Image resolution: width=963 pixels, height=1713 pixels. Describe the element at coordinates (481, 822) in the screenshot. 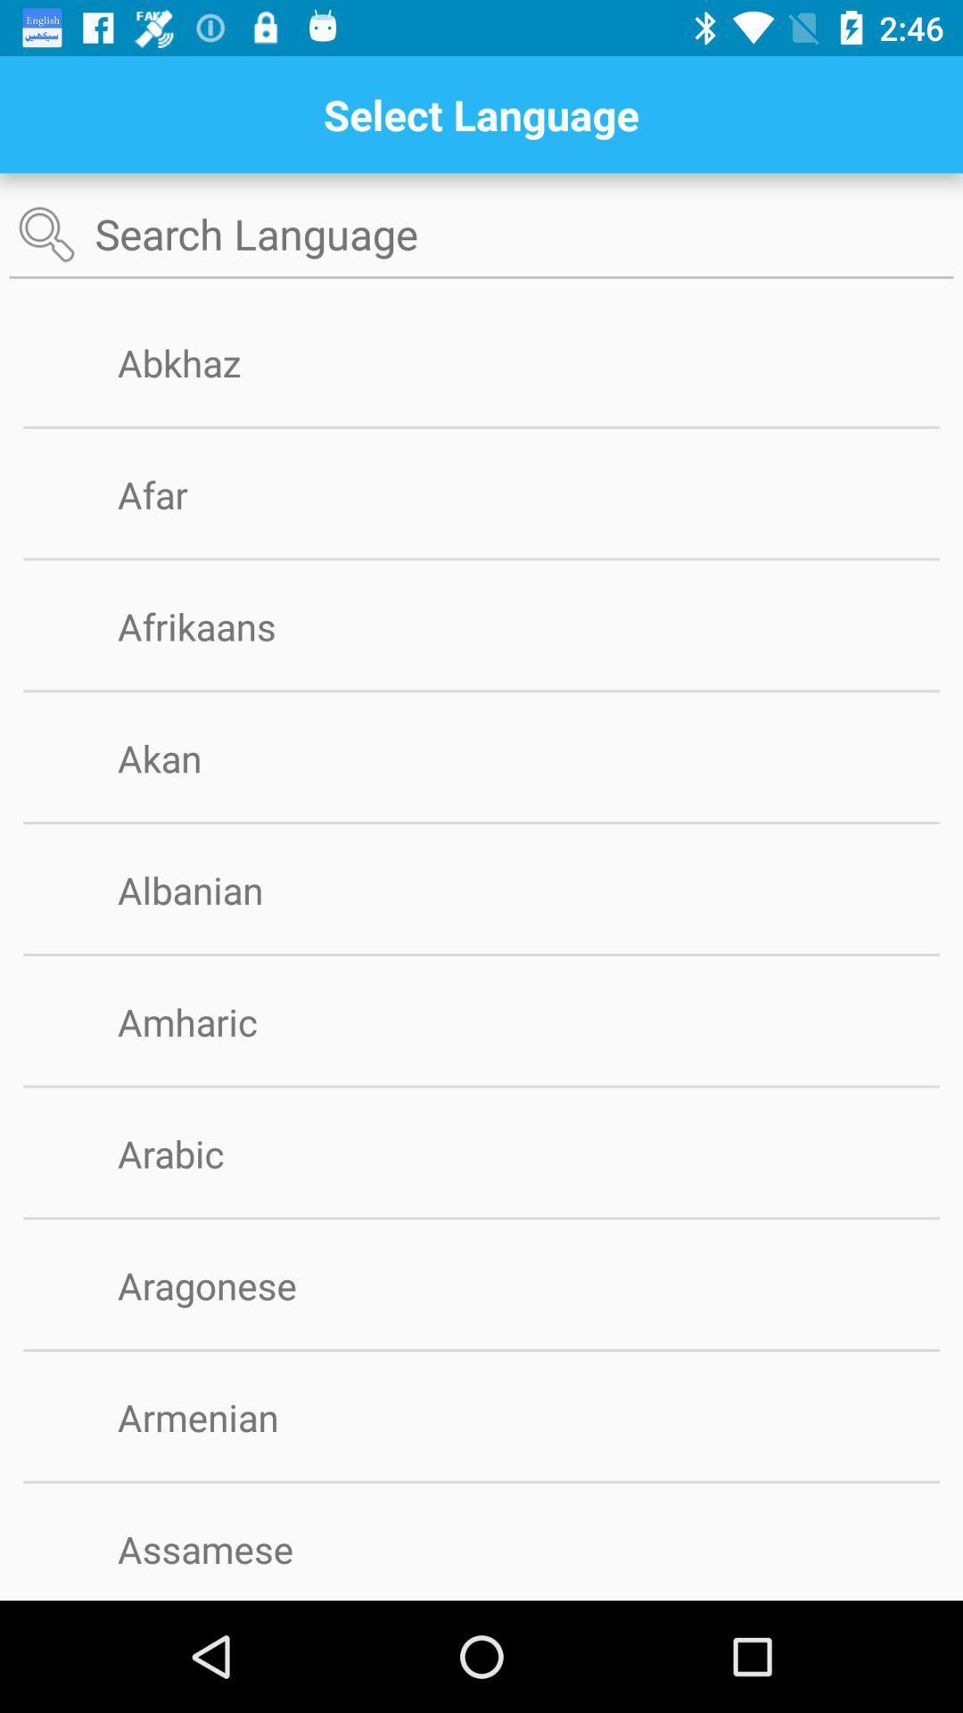

I see `the icon below akan item` at that location.